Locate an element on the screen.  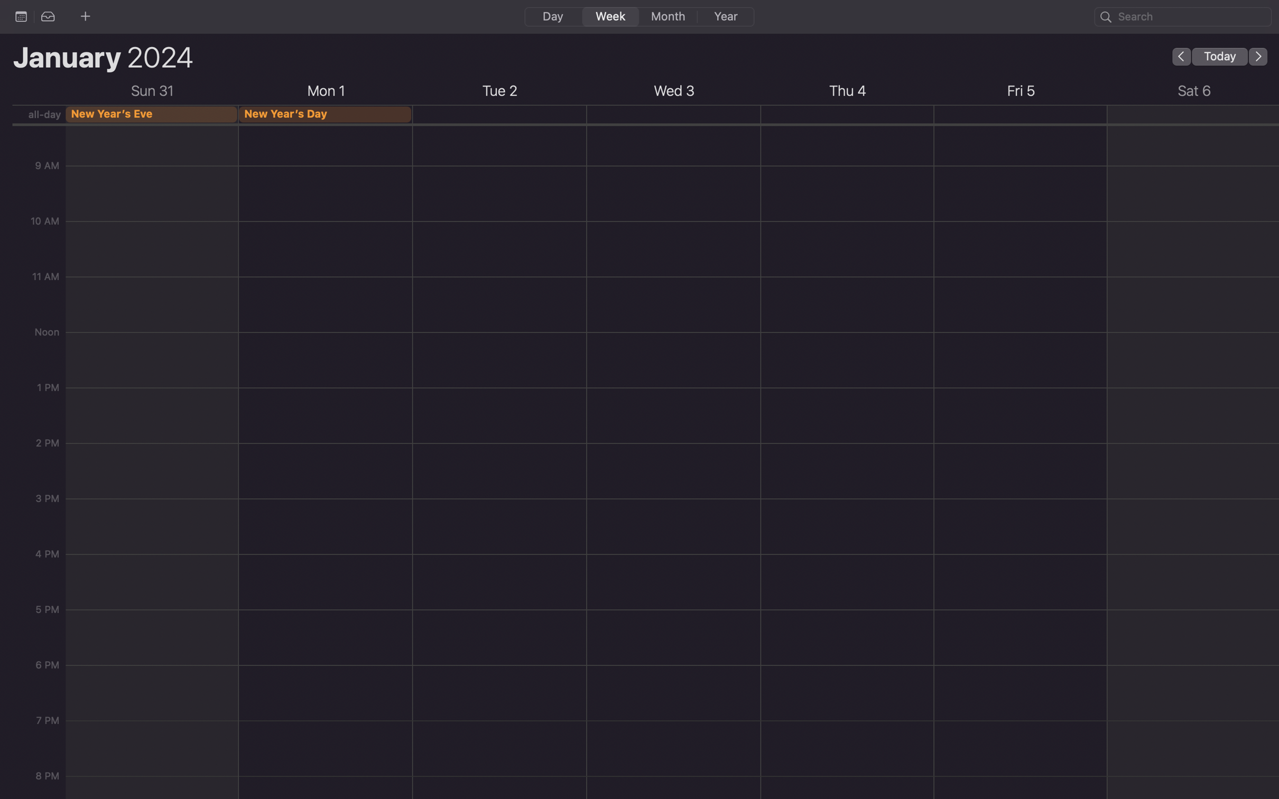
the event titled "Lunch with Ann" is located at coordinates (1183, 16).